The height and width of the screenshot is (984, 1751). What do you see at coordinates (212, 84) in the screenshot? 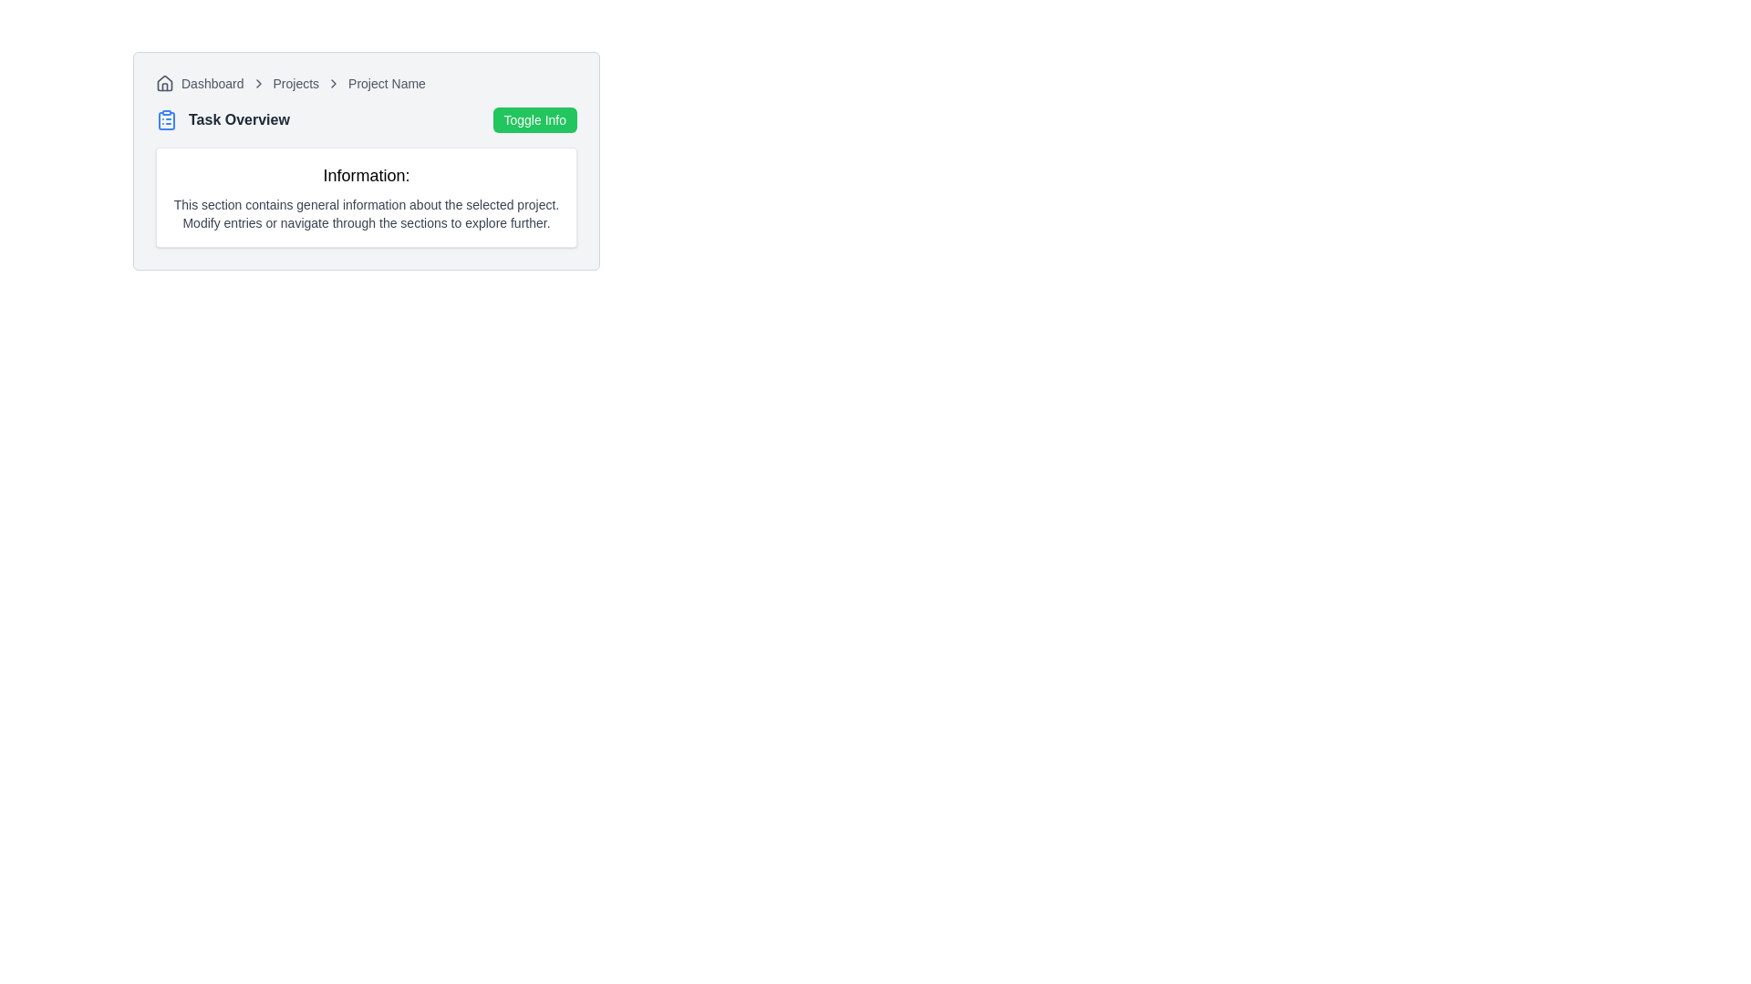
I see `the 'Dashboard' text label, which is styled in a small-sized, gray-colored font and located immediately after a house-shaped SVG icon in the breadcrumb navigation bar` at bounding box center [212, 84].